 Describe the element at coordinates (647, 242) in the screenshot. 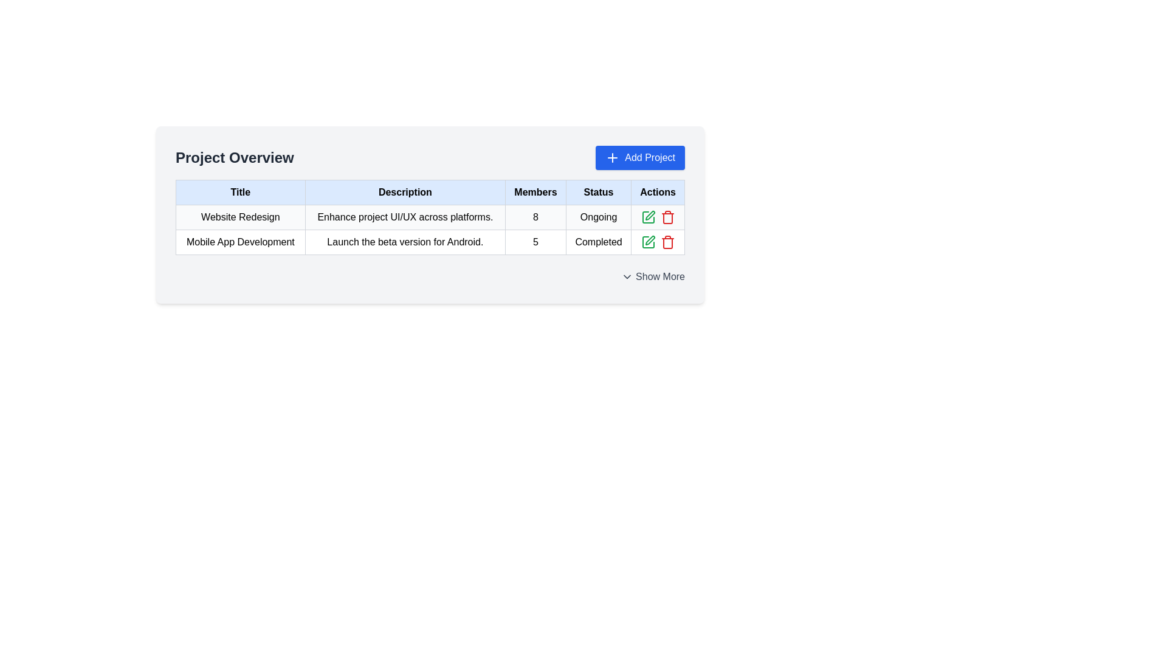

I see `the hollow square edit icon in the 'Actions' column of the 'Project Overview' table, specifically in the 'Mobile App Development' row` at that location.